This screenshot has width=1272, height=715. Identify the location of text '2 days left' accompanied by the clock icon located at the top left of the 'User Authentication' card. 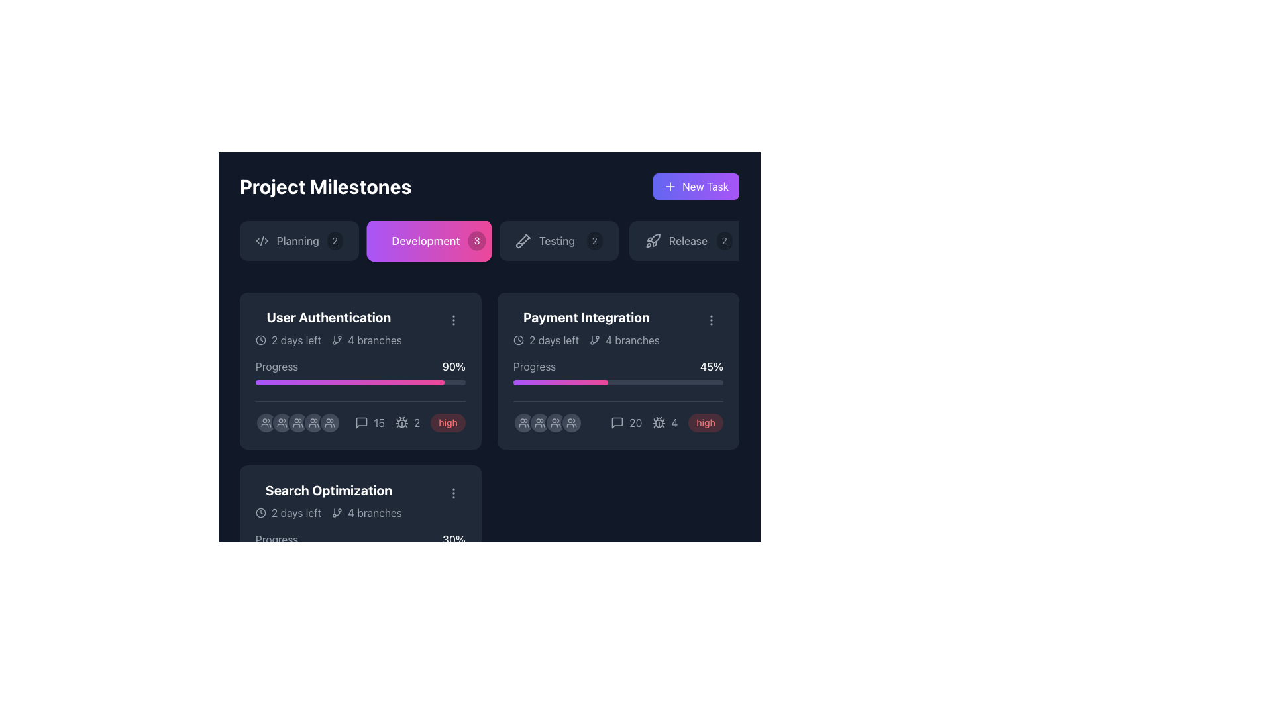
(288, 339).